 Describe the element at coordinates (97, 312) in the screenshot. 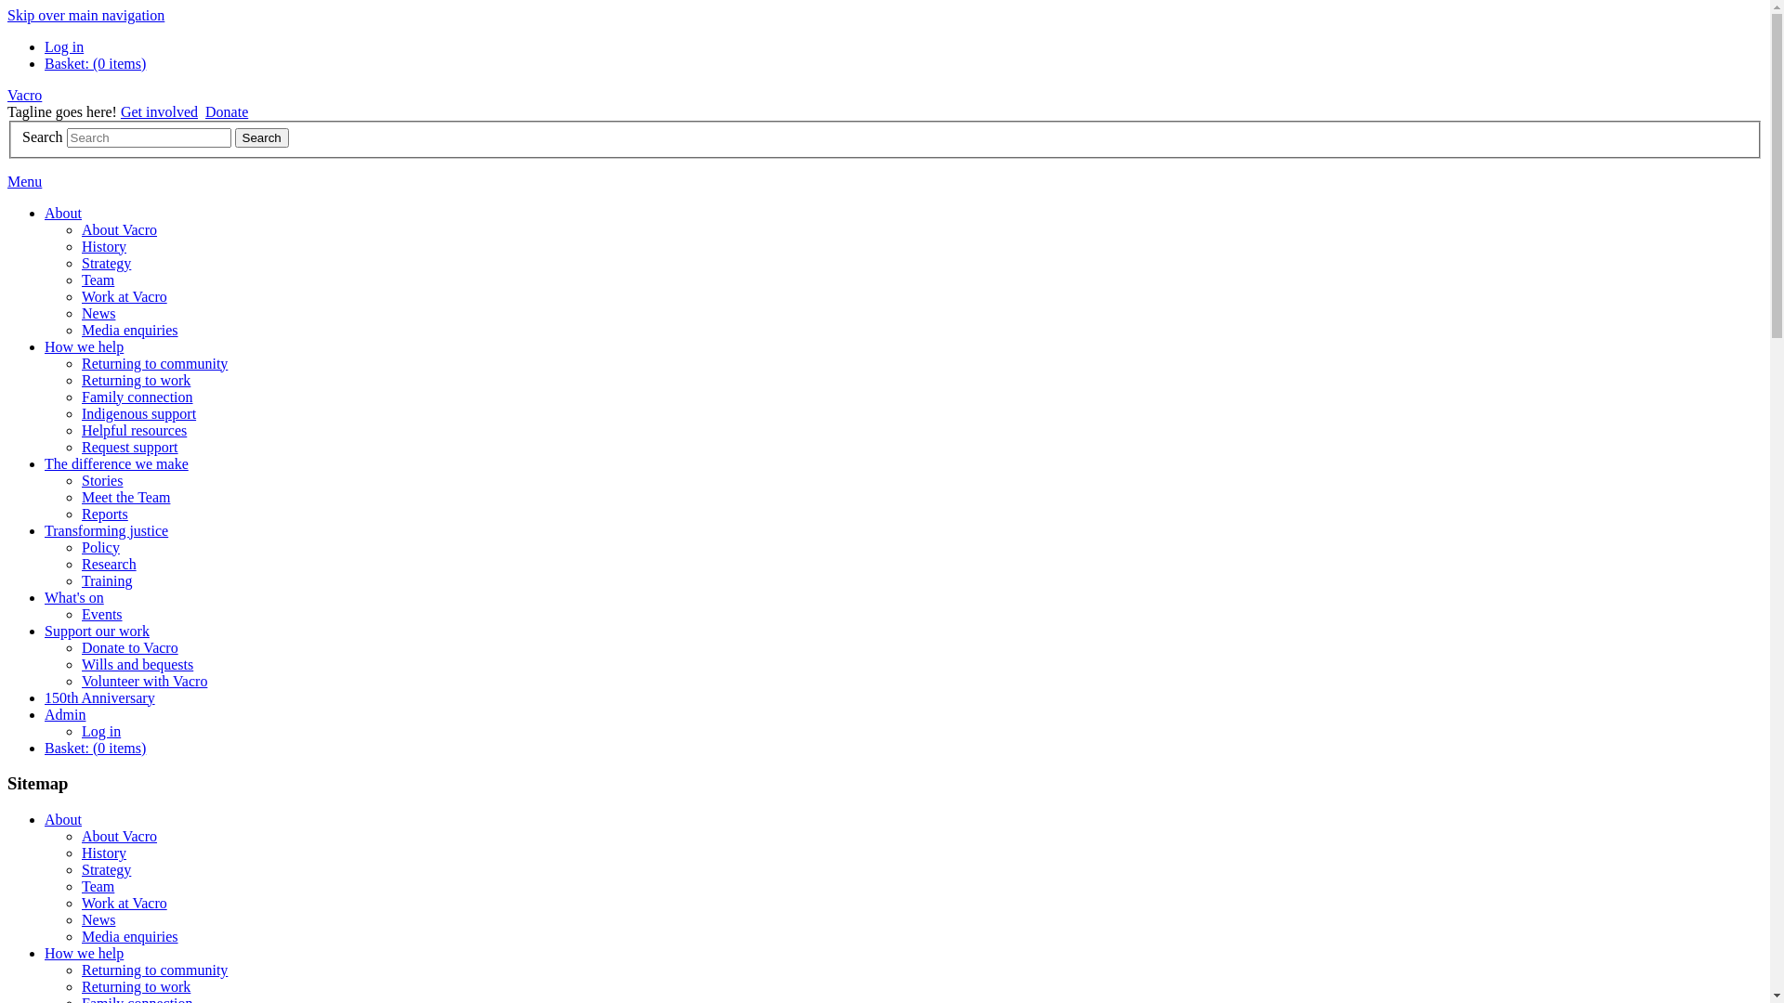

I see `'News'` at that location.